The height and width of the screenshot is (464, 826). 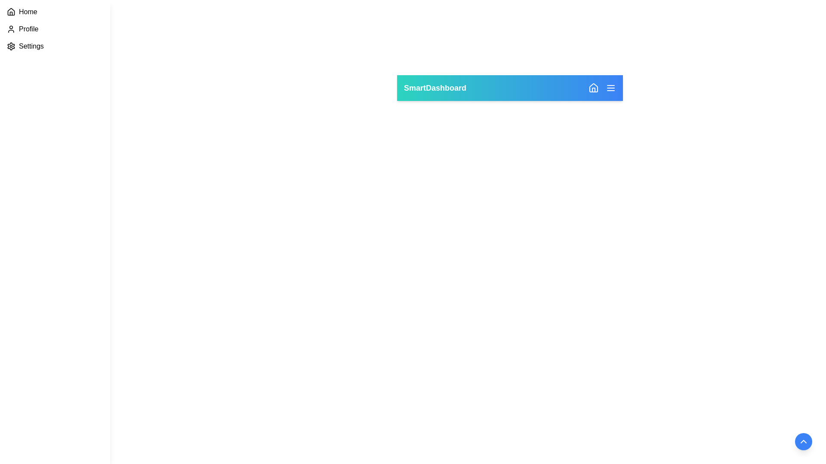 I want to click on the house icon button in the header area, so click(x=593, y=88).